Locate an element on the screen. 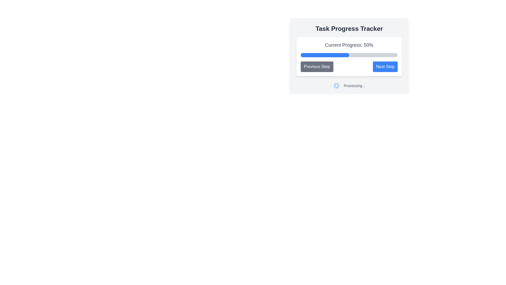 The height and width of the screenshot is (285, 506). the leftmost button in the 'Task Progress Tracker' panel to interact via keyboard is located at coordinates (317, 66).